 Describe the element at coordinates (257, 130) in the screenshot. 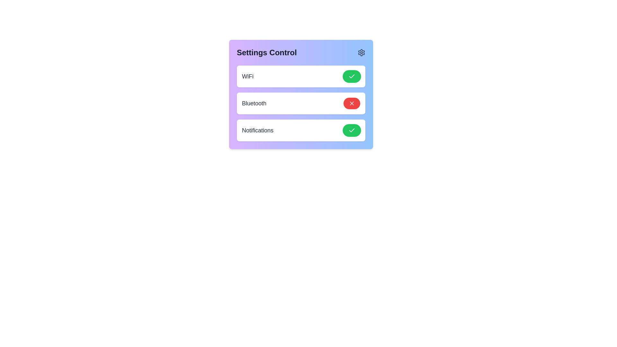

I see `the text element Notifications` at that location.